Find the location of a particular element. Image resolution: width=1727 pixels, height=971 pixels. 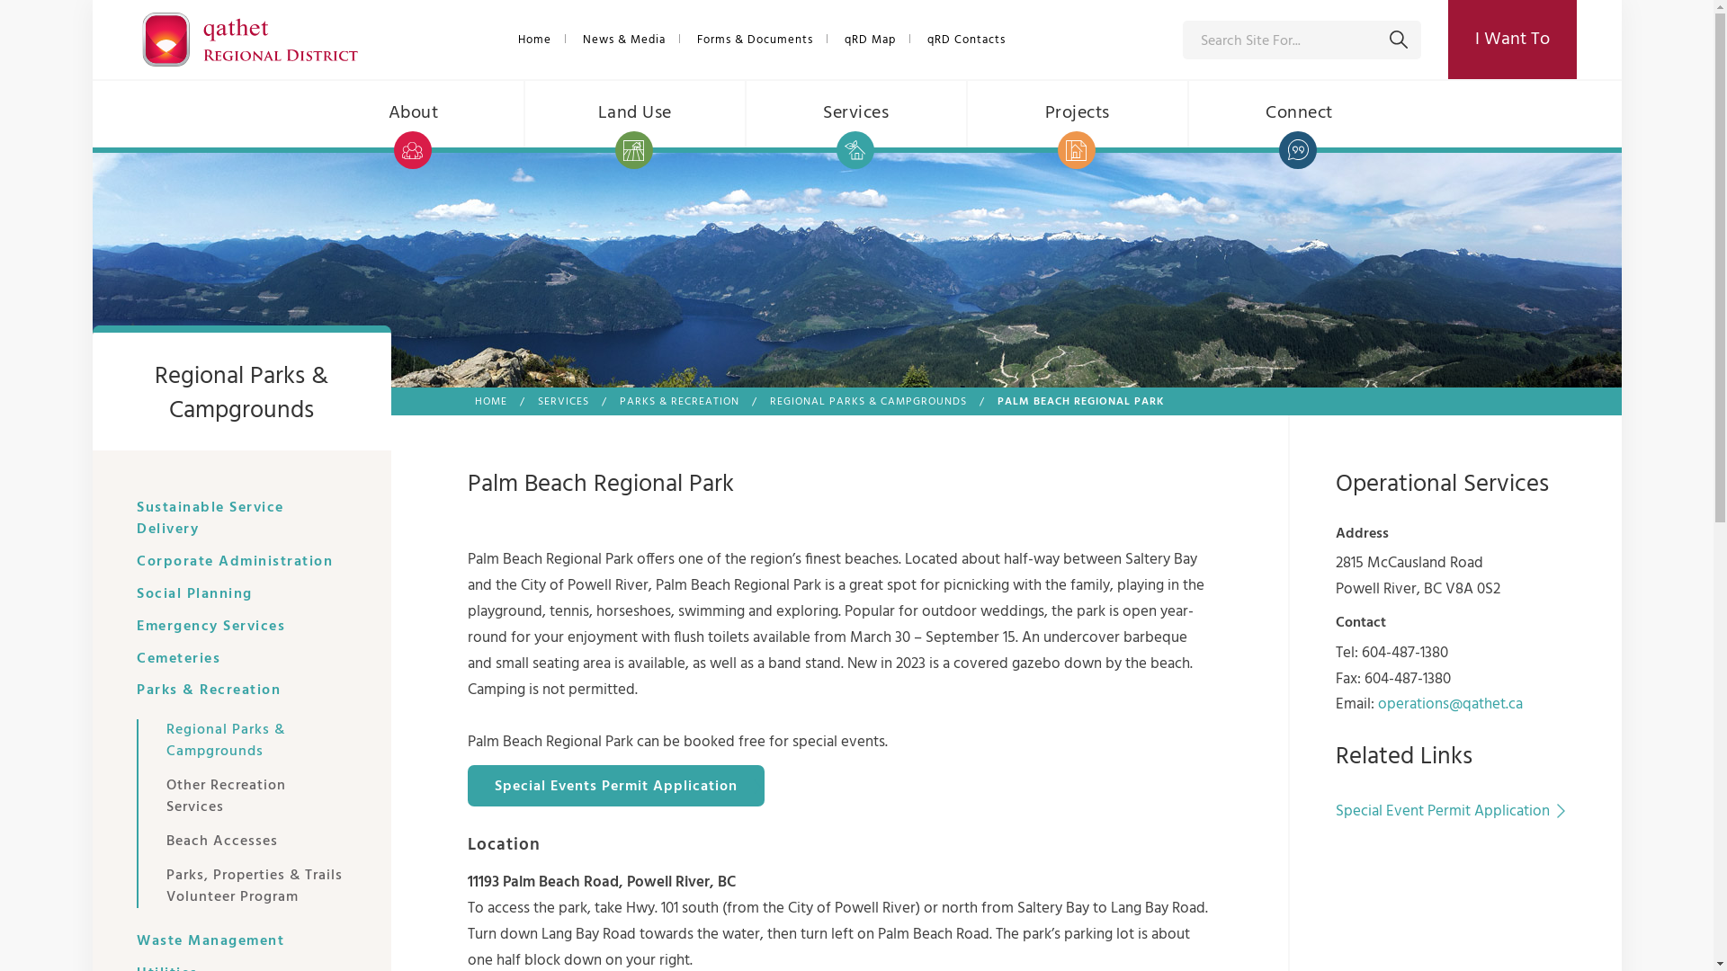

'Parks, Properties & Trails Volunteer Program' is located at coordinates (255, 882).